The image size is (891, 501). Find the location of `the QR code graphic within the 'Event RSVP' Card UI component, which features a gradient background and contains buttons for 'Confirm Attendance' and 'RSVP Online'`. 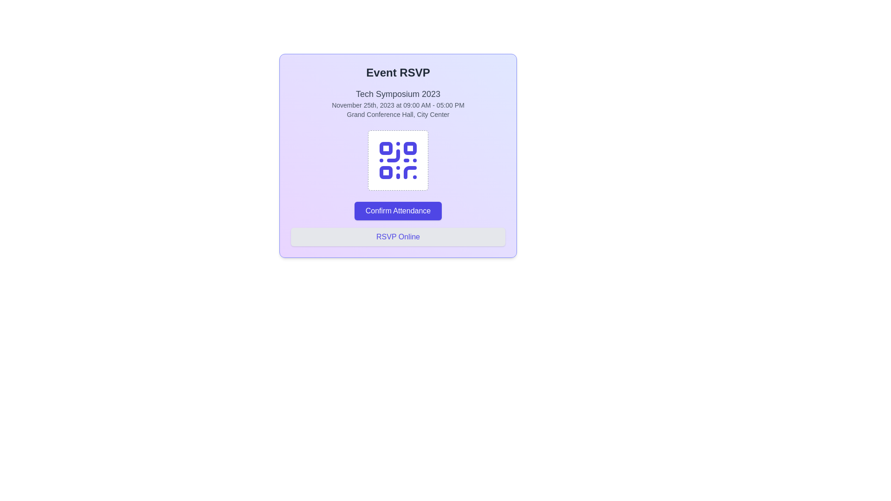

the QR code graphic within the 'Event RSVP' Card UI component, which features a gradient background and contains buttons for 'Confirm Attendance' and 'RSVP Online' is located at coordinates (398, 155).